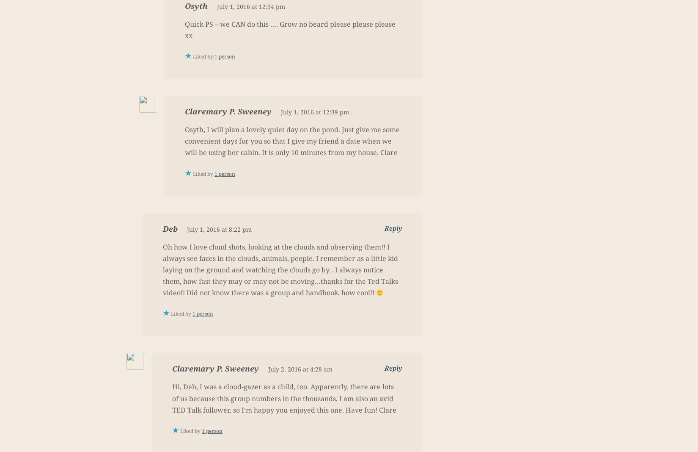  I want to click on 'July 1, 2016 at 8:22 pm', so click(219, 229).